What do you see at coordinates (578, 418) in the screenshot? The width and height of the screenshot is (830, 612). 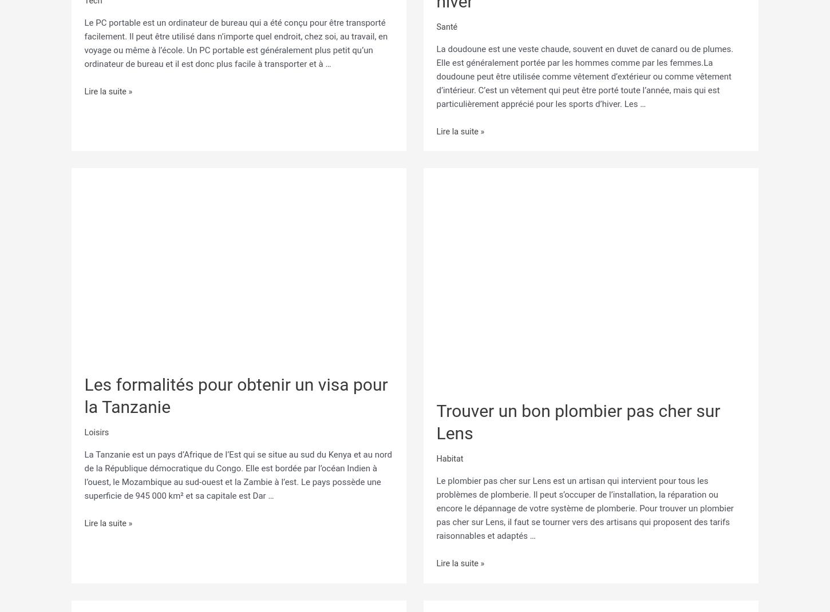 I see `'Trouver un bon plombier pas cher sur Lens'` at bounding box center [578, 418].